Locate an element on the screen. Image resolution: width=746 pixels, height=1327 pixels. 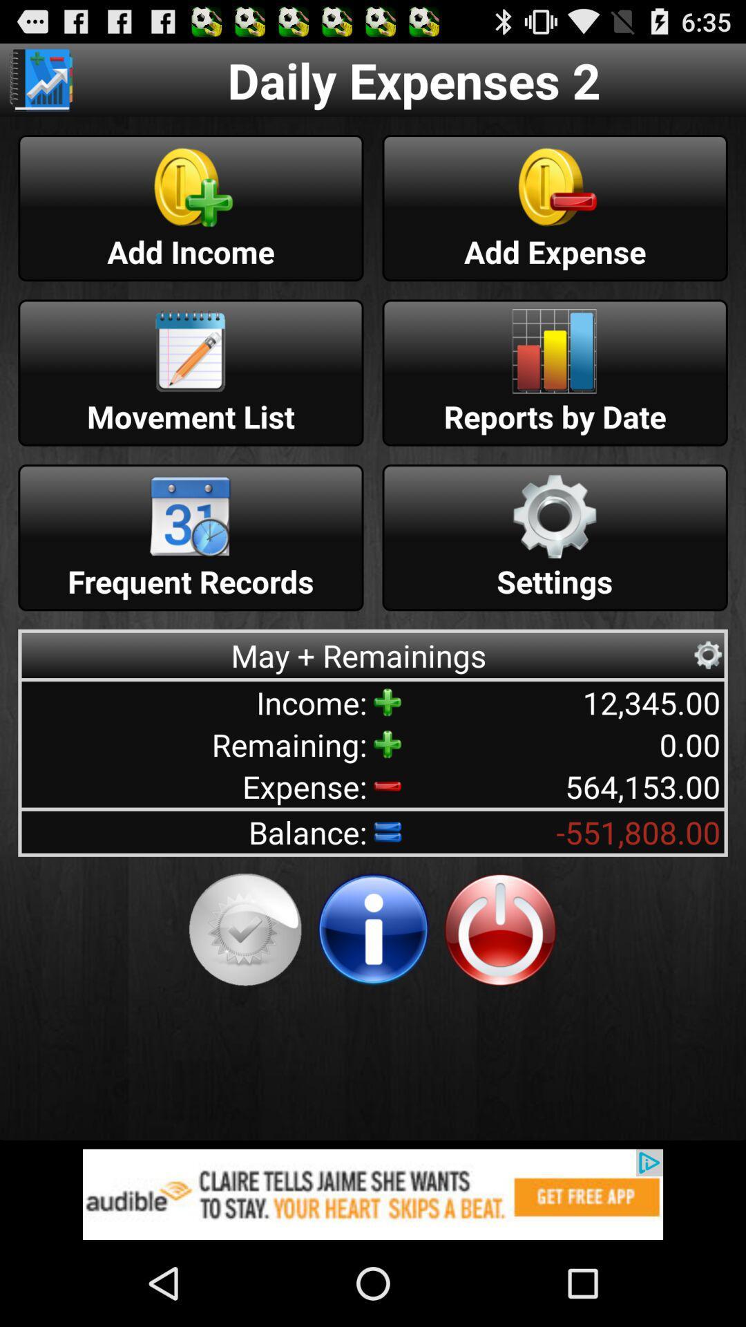
open advertisement page is located at coordinates (373, 1194).